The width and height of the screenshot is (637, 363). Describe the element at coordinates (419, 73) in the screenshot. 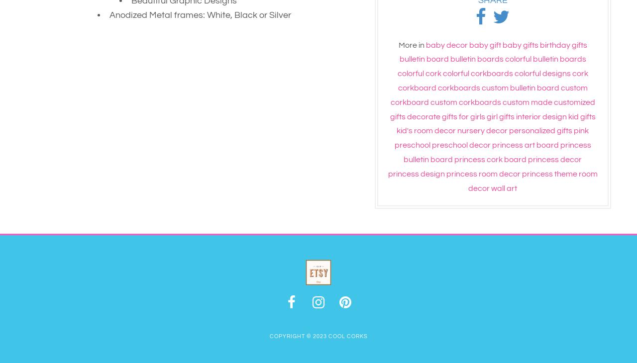

I see `'colorful cork'` at that location.